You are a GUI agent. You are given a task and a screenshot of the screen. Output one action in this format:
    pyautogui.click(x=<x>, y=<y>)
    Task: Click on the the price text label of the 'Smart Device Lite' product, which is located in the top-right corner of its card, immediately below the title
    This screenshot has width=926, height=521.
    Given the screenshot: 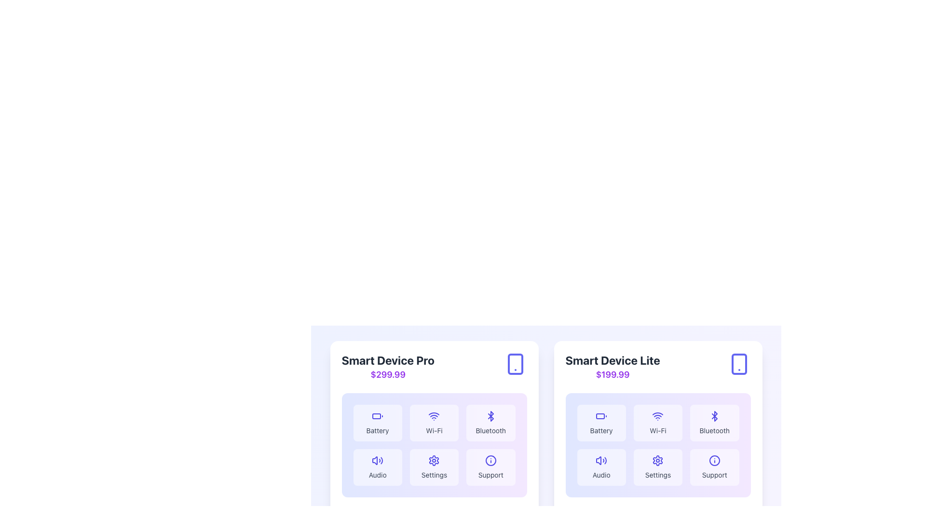 What is the action you would take?
    pyautogui.click(x=612, y=374)
    